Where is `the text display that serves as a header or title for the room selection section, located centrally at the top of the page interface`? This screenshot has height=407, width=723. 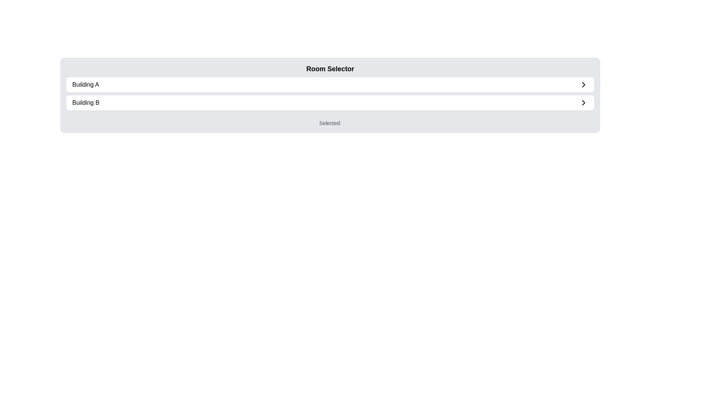 the text display that serves as a header or title for the room selection section, located centrally at the top of the page interface is located at coordinates (330, 69).